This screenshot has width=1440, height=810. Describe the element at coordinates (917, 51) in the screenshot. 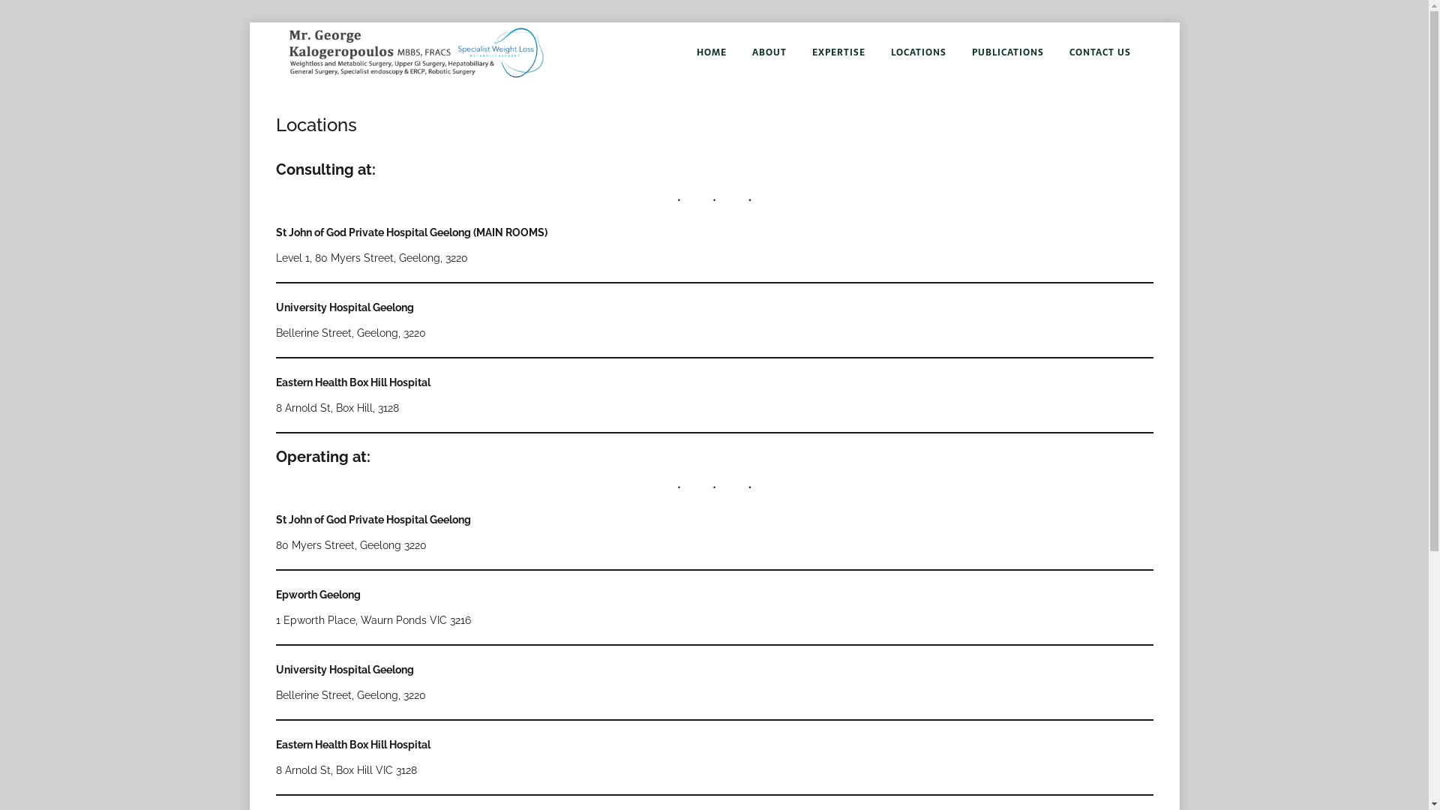

I see `'LOCATIONS'` at that location.